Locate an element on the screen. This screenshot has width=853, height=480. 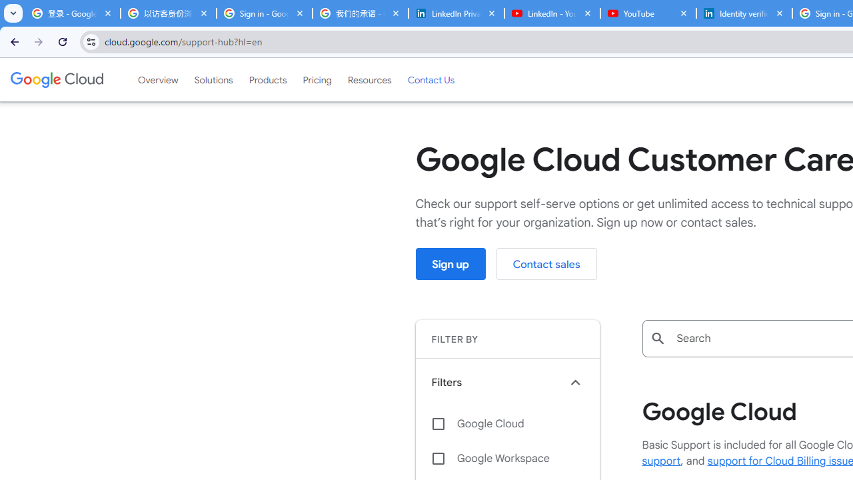
'LinkedIn - YouTube' is located at coordinates (552, 13).